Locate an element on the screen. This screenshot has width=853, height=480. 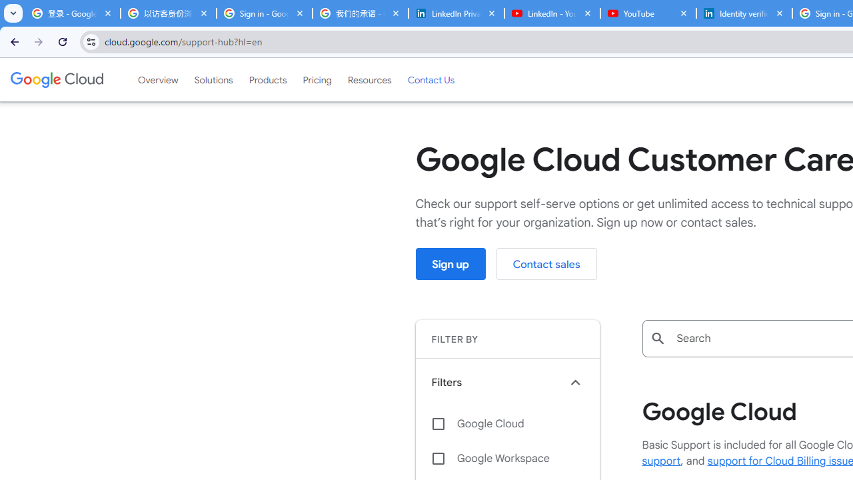
'LinkedIn - YouTube' is located at coordinates (552, 13).